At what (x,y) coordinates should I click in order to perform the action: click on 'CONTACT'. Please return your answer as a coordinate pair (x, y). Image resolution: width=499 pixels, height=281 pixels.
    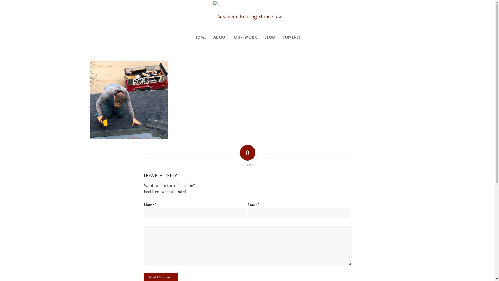
    Looking at the image, I should click on (291, 37).